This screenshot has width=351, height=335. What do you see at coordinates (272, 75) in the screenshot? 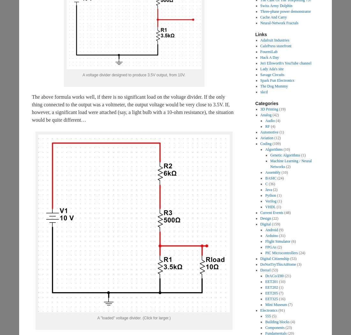
I see `'Savage Circuits'` at bounding box center [272, 75].